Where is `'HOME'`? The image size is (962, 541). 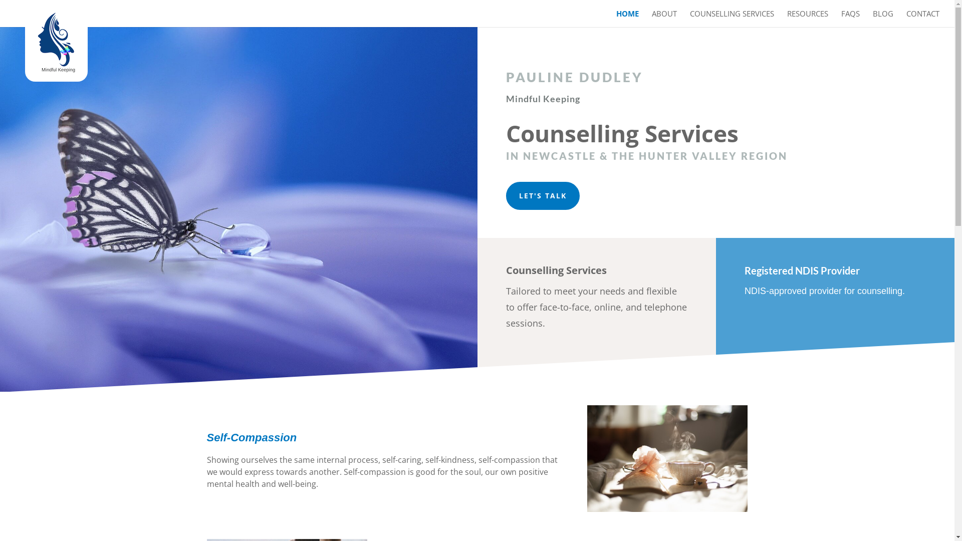 'HOME' is located at coordinates (627, 19).